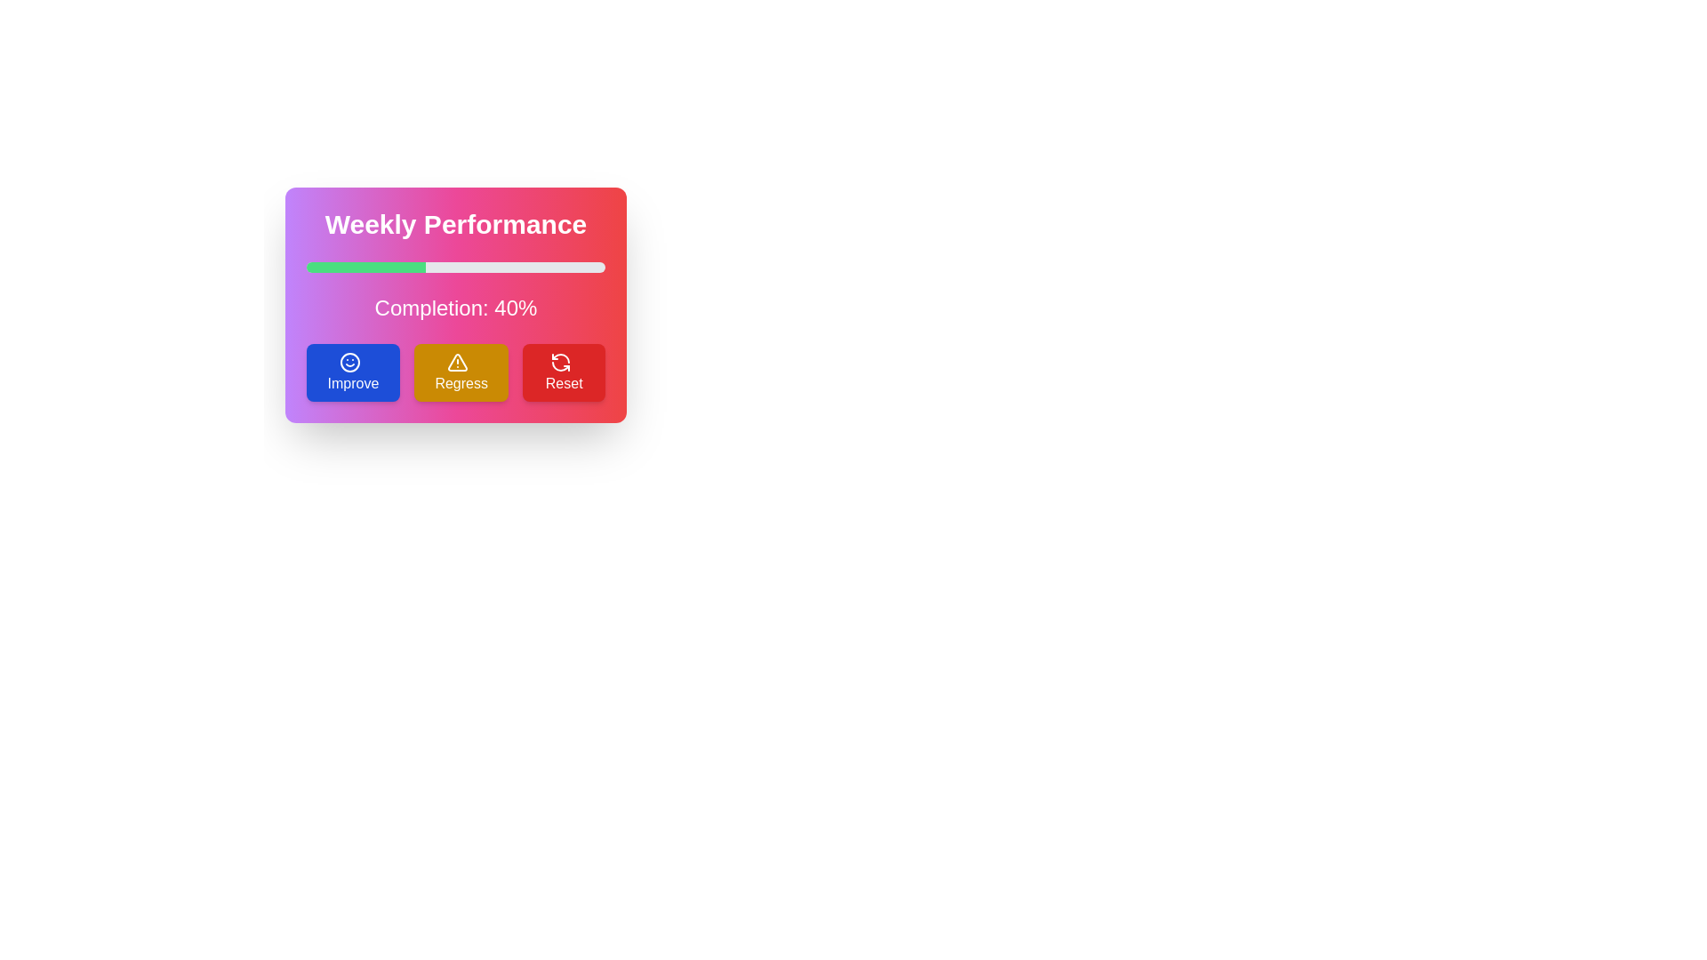  I want to click on the green progress bar that represents the progress indicator, located below the 'Weekly Performance' header and above the 'Completion: 40%' label, so click(365, 267).